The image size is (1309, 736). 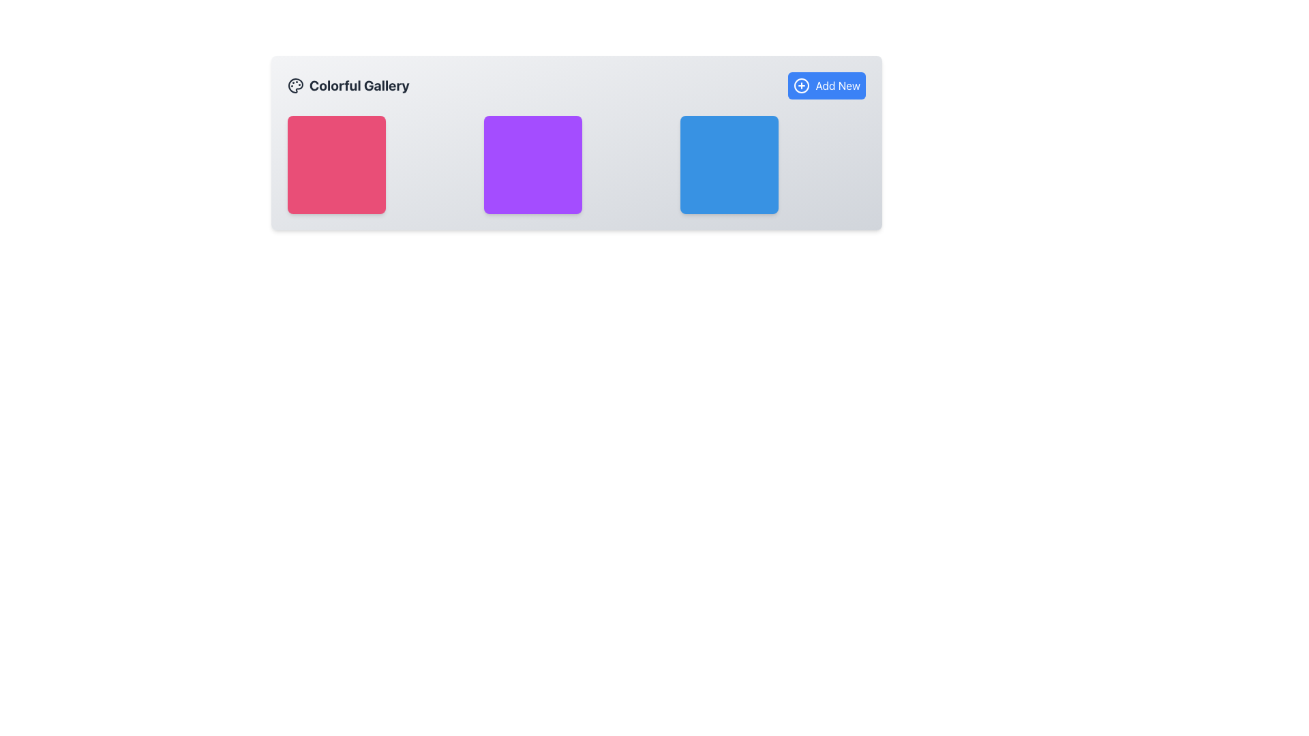 What do you see at coordinates (576, 164) in the screenshot?
I see `the second square in a grid of three squares, which has a purple background and rounded corners` at bounding box center [576, 164].